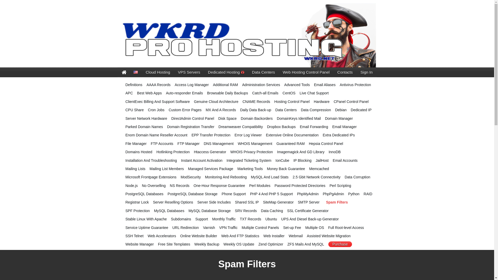 The width and height of the screenshot is (498, 280). I want to click on 'CNAME Records', so click(256, 102).